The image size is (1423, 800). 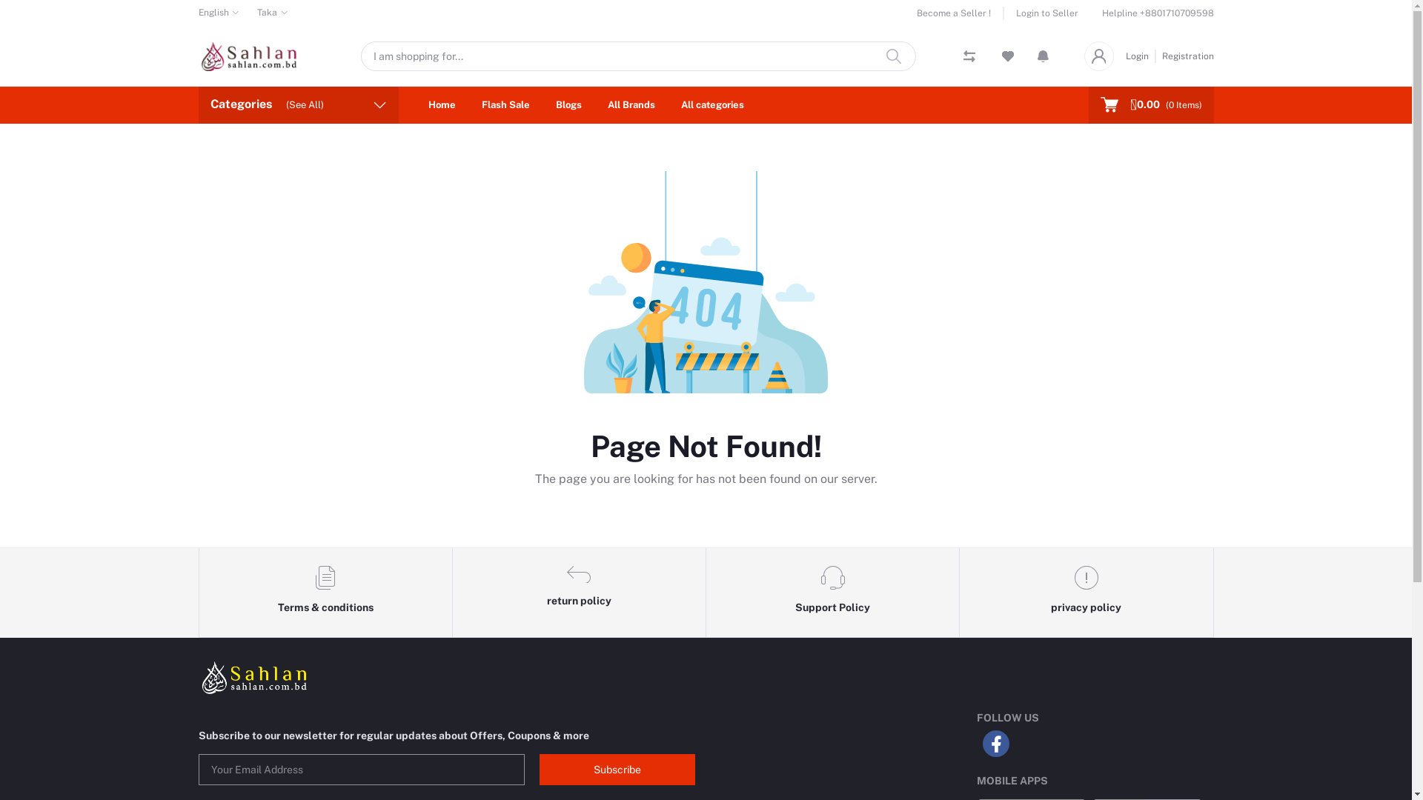 I want to click on 'Flash Sale', so click(x=505, y=104).